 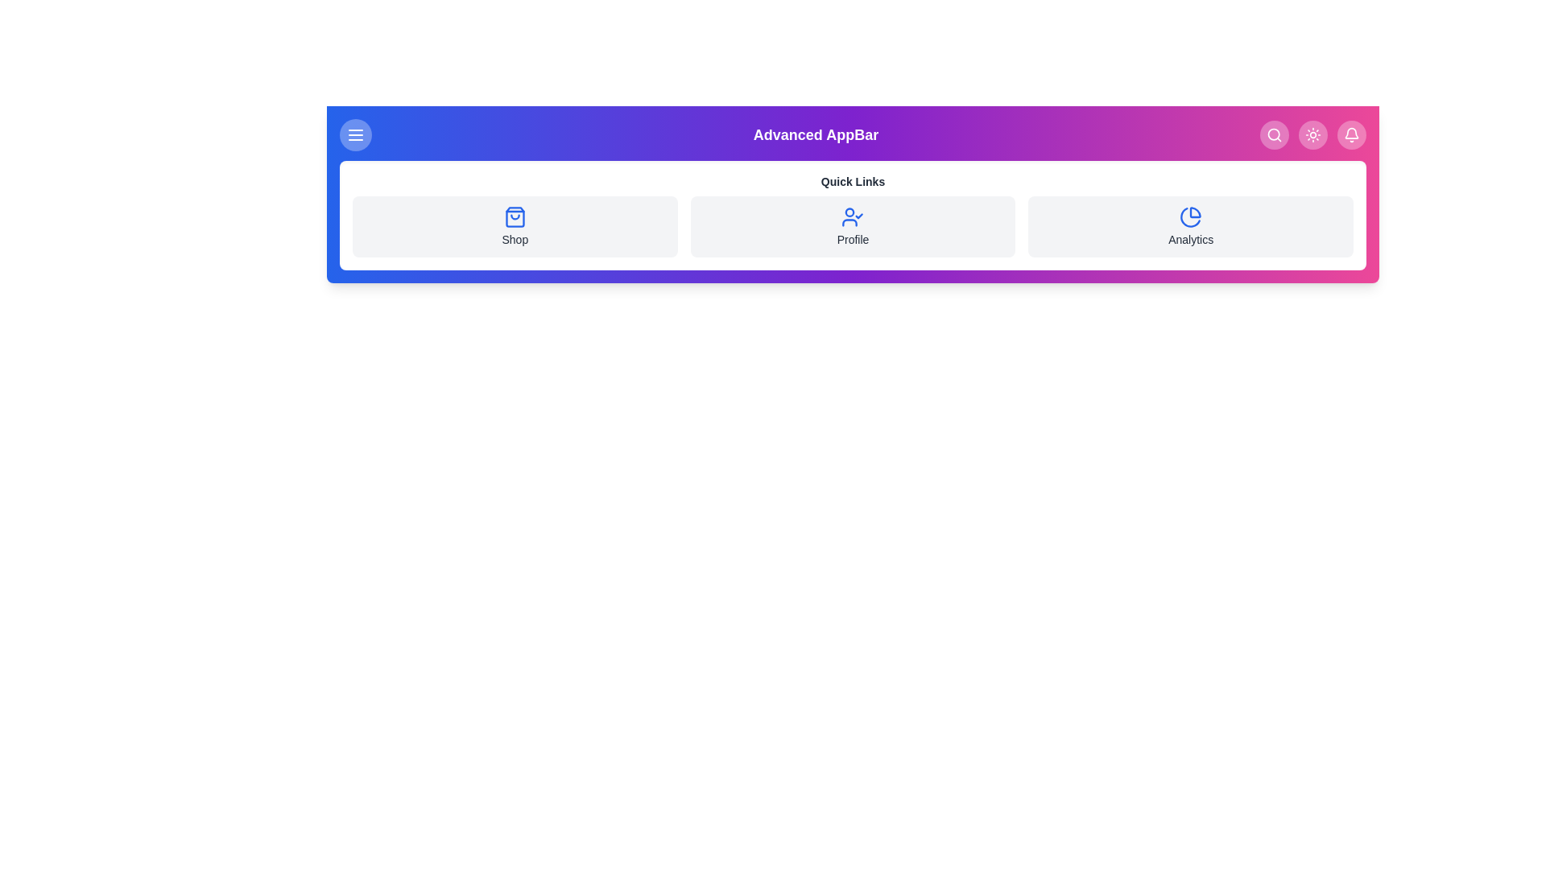 What do you see at coordinates (354, 134) in the screenshot?
I see `the menu button to toggle the menu visibility` at bounding box center [354, 134].